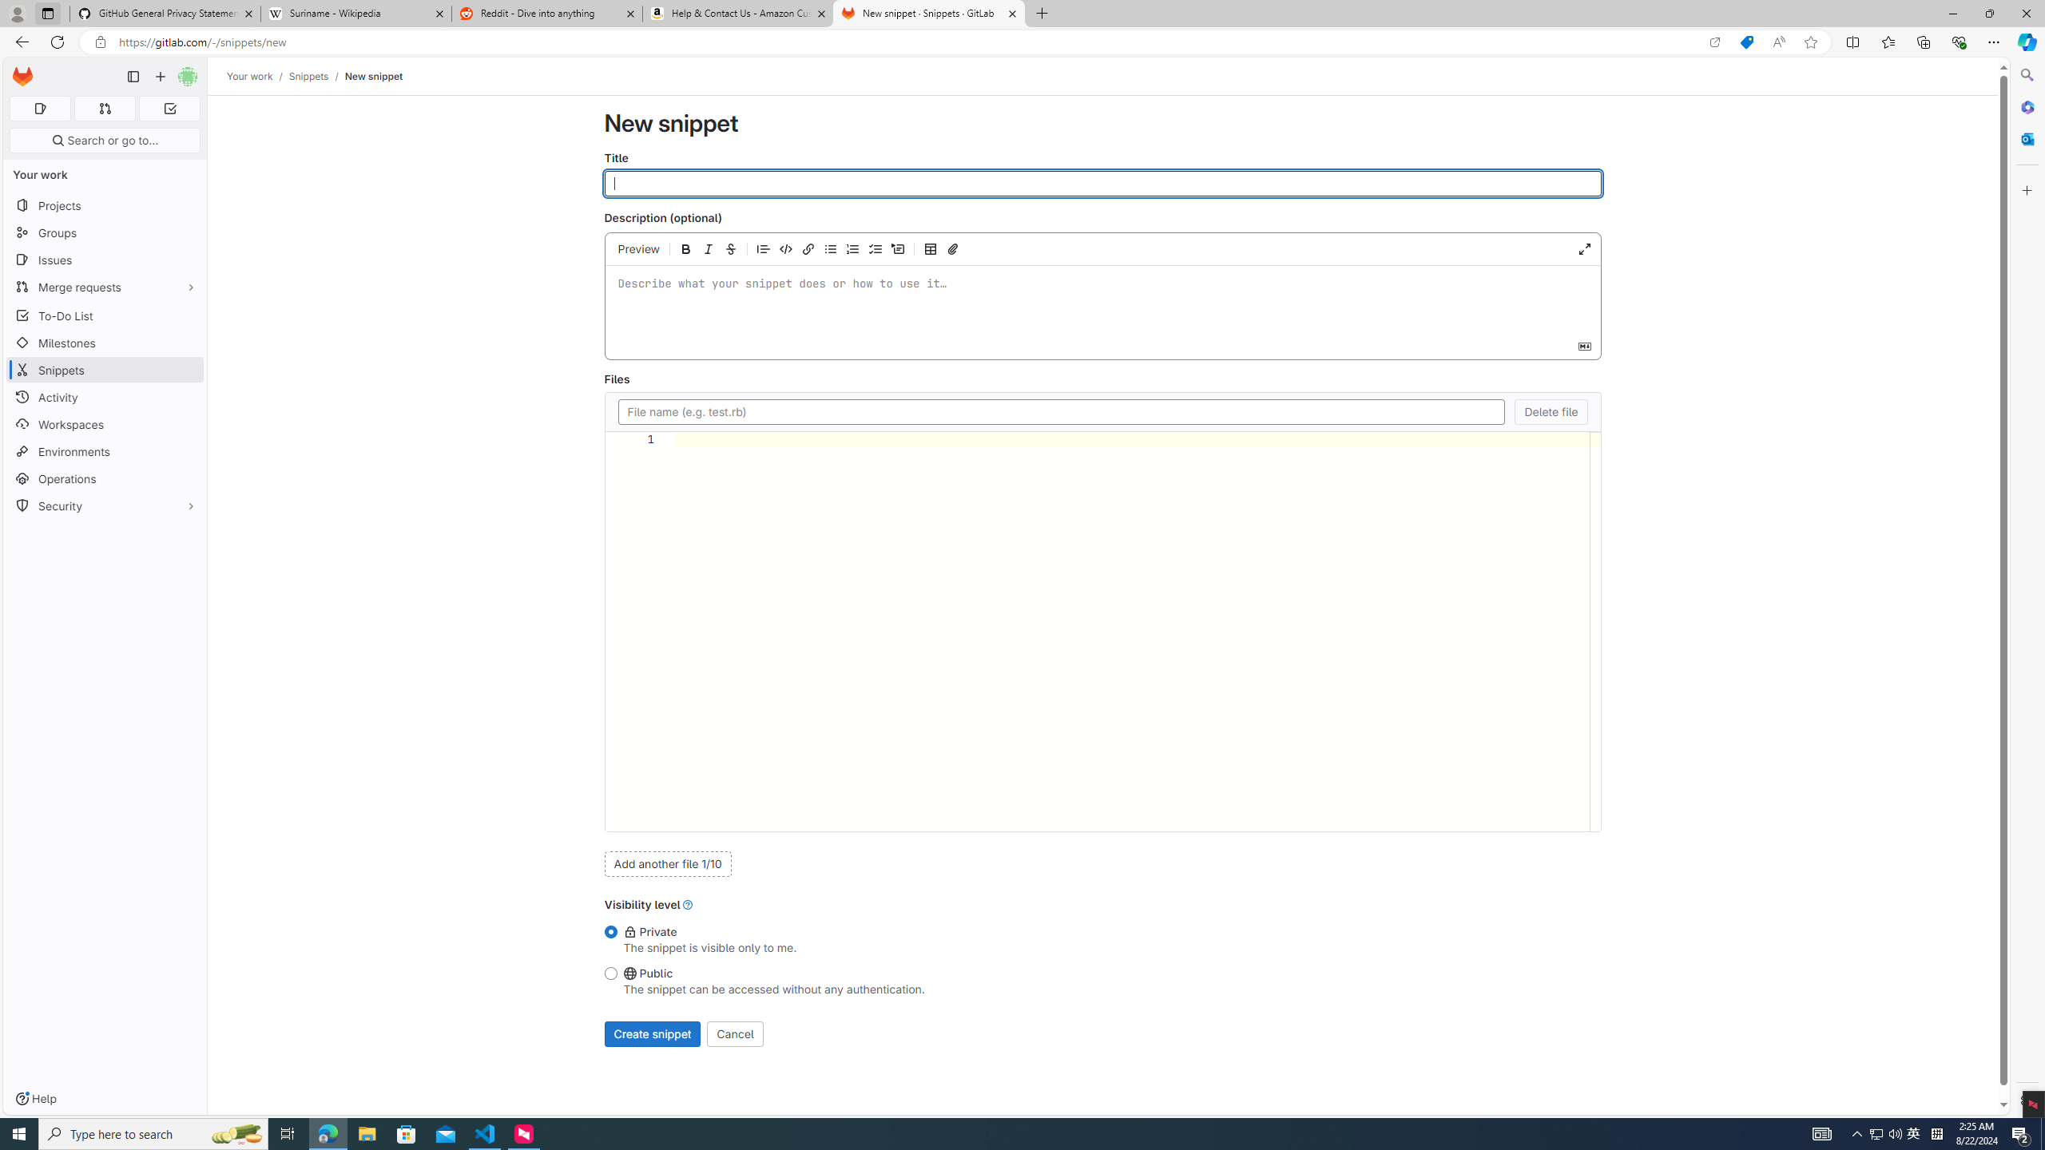 The height and width of the screenshot is (1150, 2045). What do you see at coordinates (104, 204) in the screenshot?
I see `'Projects'` at bounding box center [104, 204].